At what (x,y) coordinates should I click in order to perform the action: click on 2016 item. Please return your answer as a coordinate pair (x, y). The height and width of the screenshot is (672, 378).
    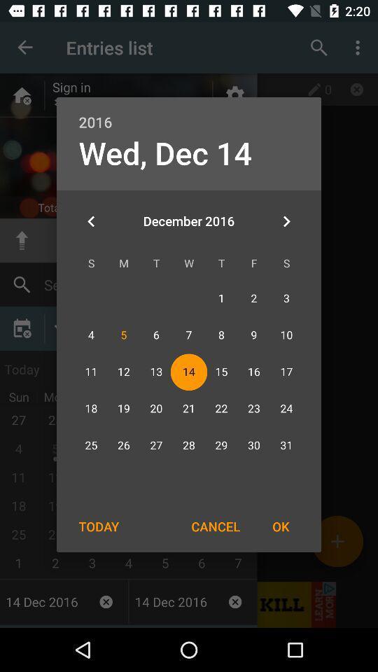
    Looking at the image, I should click on (189, 113).